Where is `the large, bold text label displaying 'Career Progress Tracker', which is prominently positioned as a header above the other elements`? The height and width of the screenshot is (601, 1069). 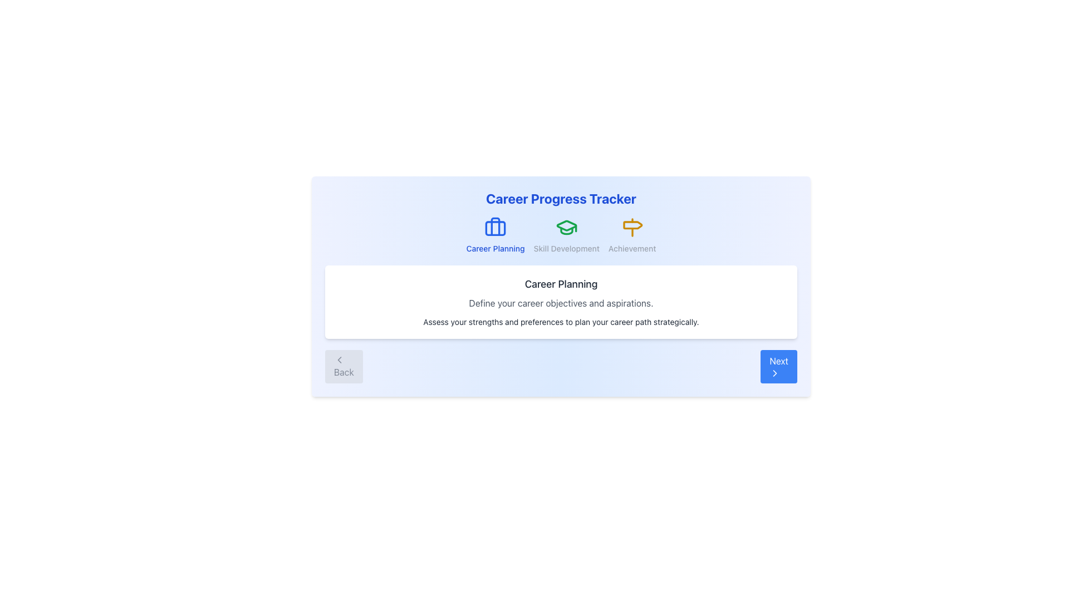 the large, bold text label displaying 'Career Progress Tracker', which is prominently positioned as a header above the other elements is located at coordinates (561, 198).